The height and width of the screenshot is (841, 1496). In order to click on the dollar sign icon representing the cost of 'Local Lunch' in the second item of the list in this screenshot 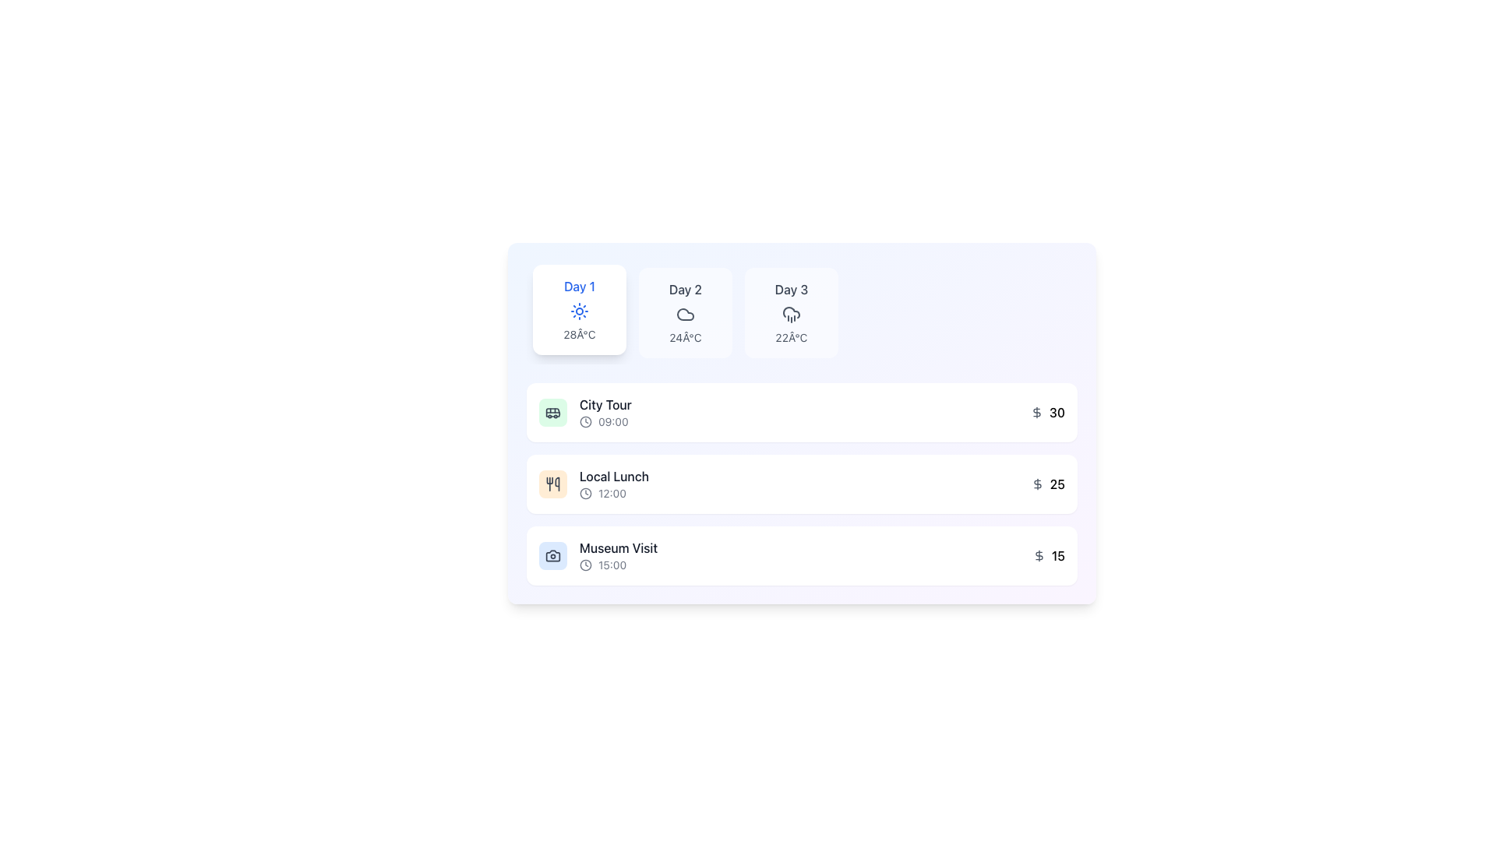, I will do `click(1037, 483)`.